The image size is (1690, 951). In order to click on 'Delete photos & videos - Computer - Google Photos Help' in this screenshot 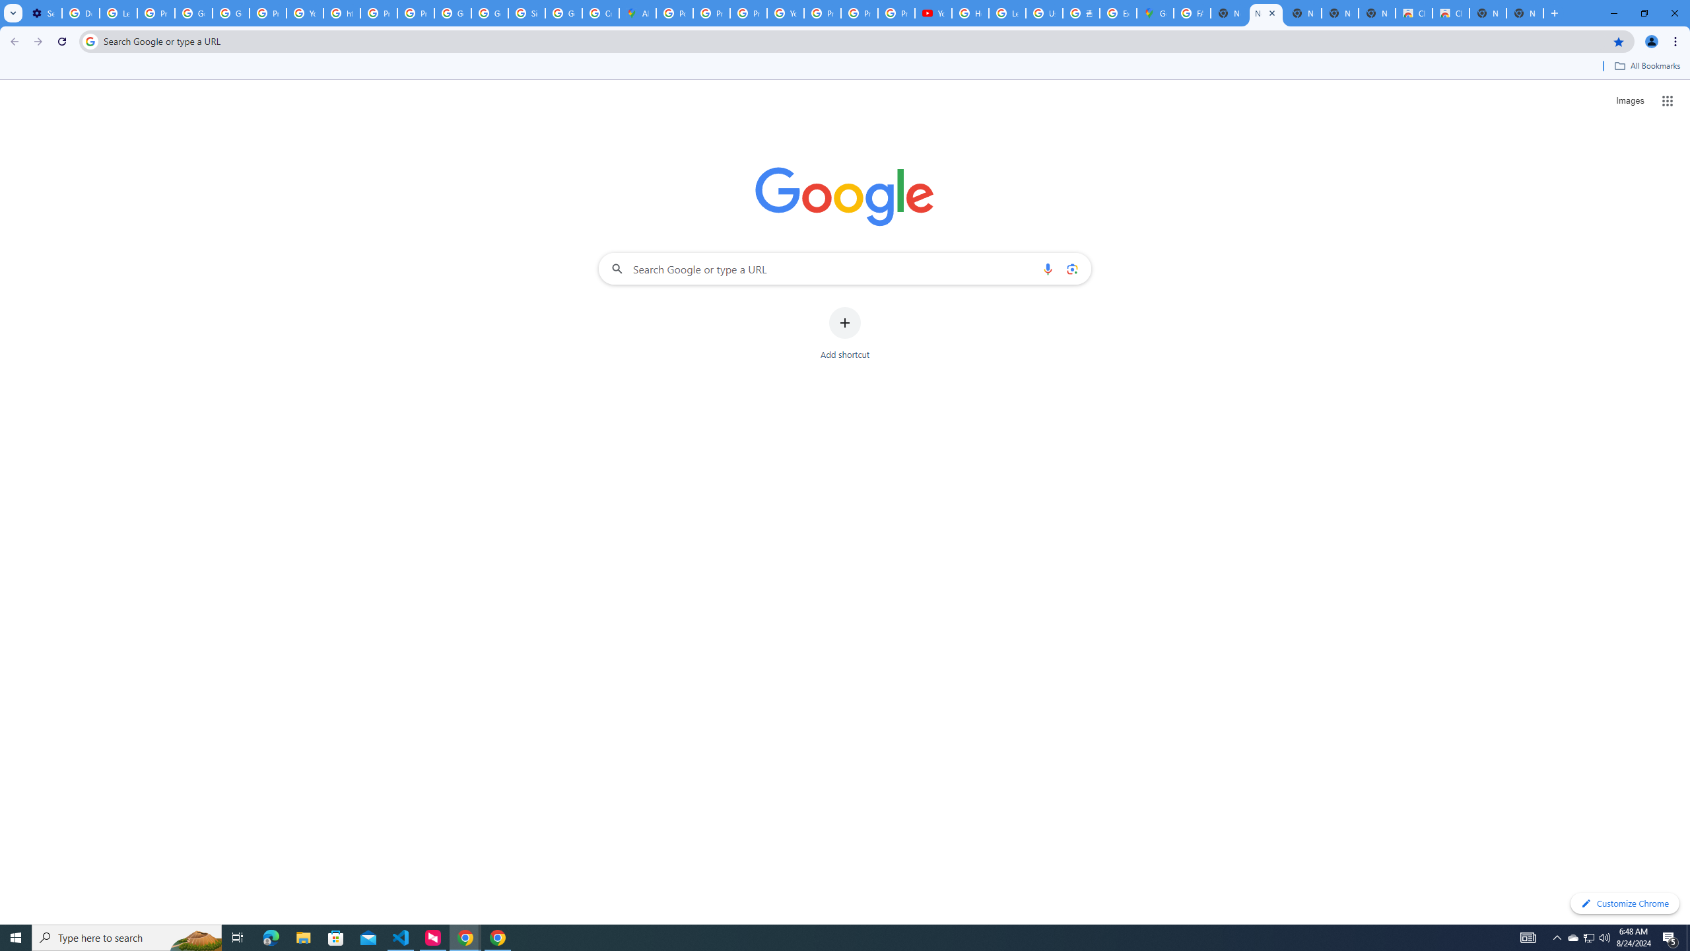, I will do `click(80, 13)`.